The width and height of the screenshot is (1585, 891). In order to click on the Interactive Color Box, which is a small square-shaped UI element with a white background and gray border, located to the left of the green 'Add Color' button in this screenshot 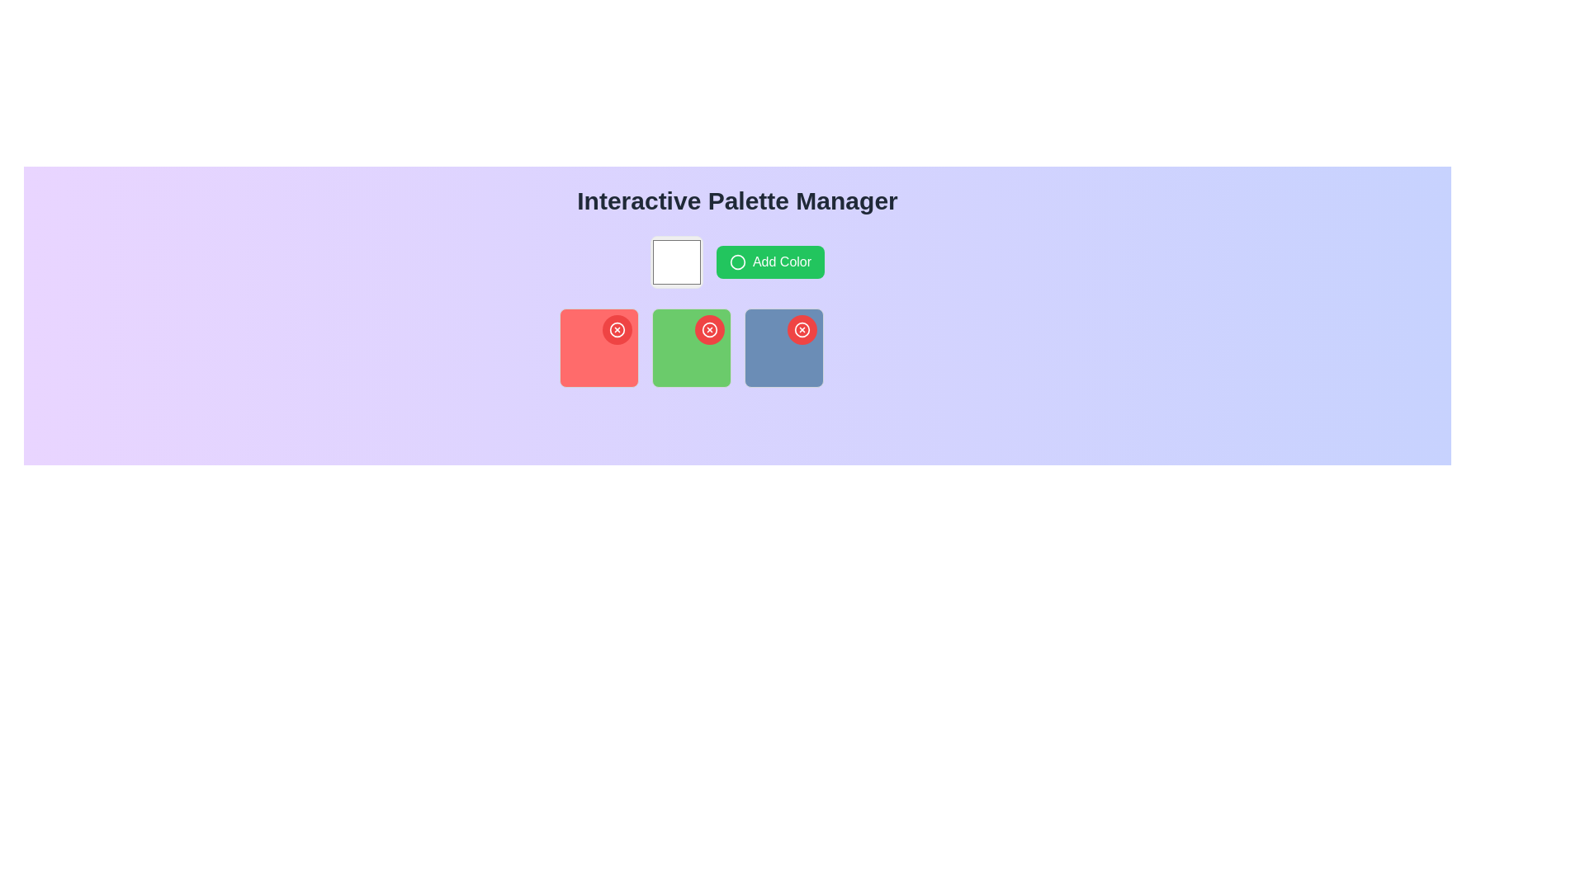, I will do `click(676, 261)`.